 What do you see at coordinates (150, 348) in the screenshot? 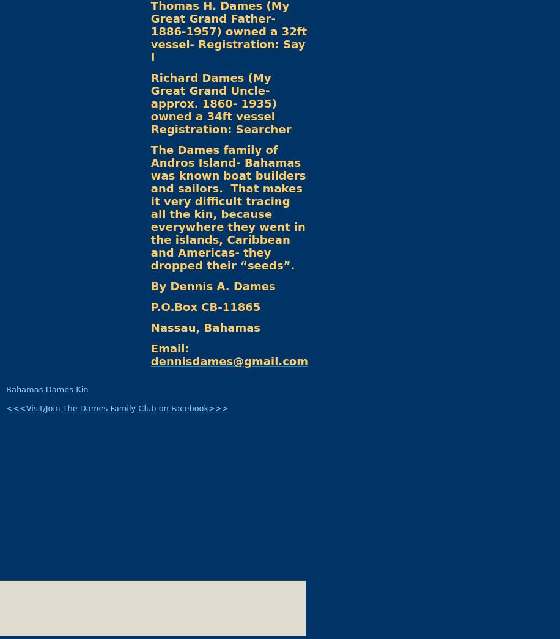
I see `'Email:'` at bounding box center [150, 348].